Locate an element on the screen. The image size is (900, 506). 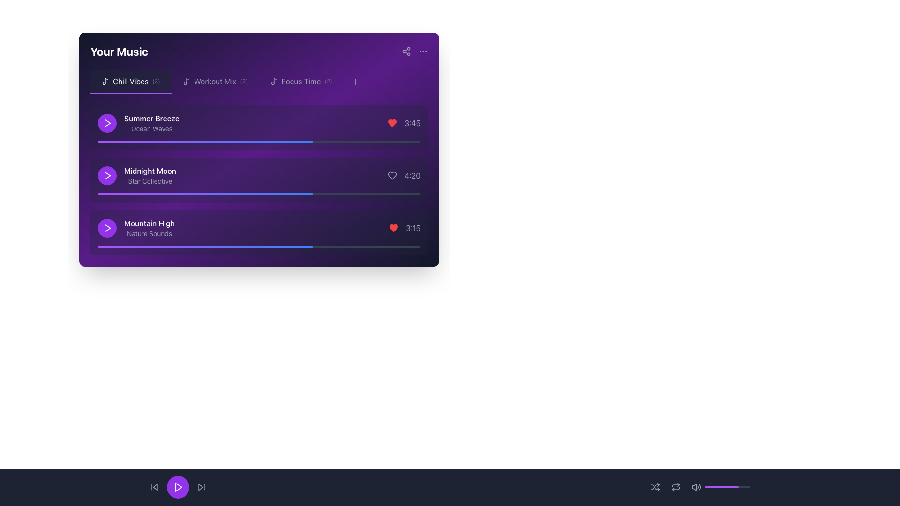
the left-pointing triangular icon on the bottom control bar is located at coordinates (155, 487).